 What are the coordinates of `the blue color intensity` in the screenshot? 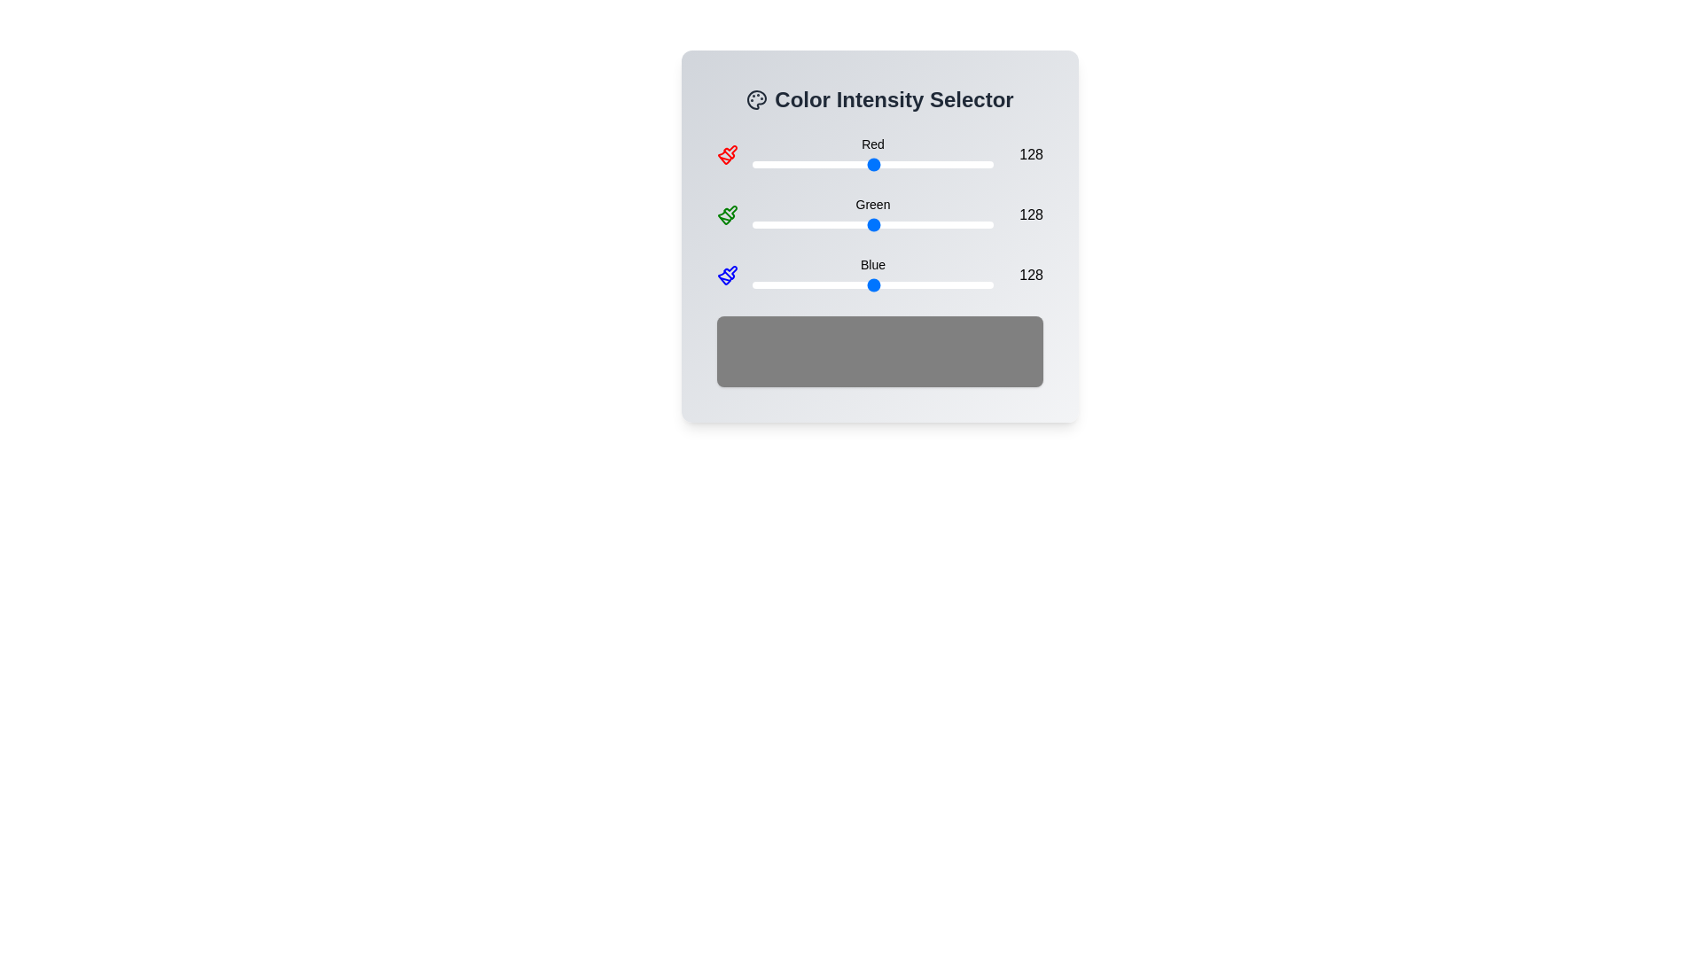 It's located at (941, 284).